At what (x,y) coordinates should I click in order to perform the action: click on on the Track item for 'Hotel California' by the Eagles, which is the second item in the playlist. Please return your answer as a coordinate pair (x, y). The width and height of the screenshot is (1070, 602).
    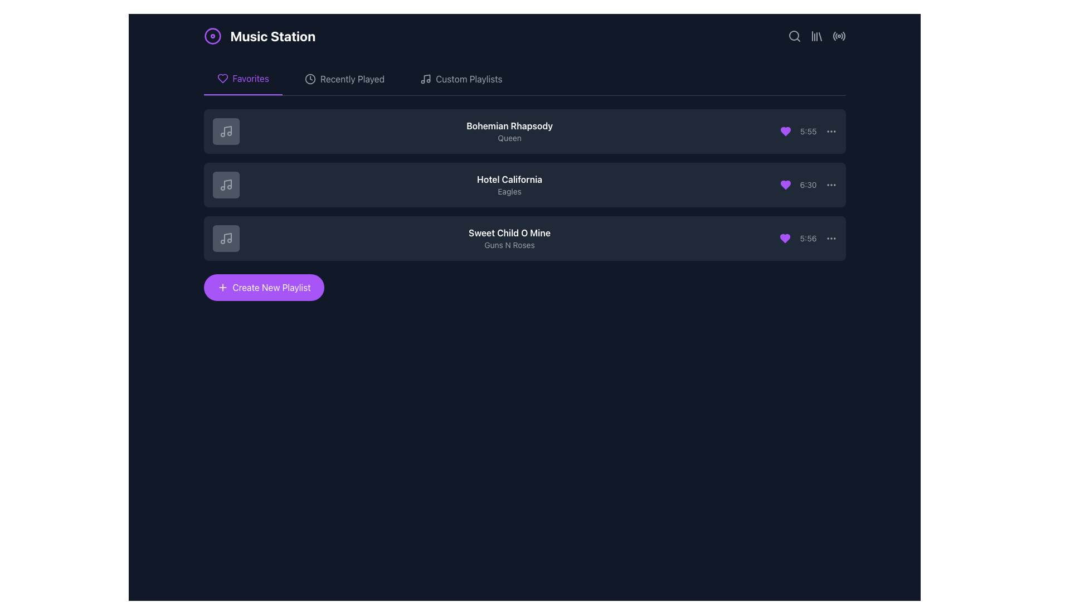
    Looking at the image, I should click on (524, 184).